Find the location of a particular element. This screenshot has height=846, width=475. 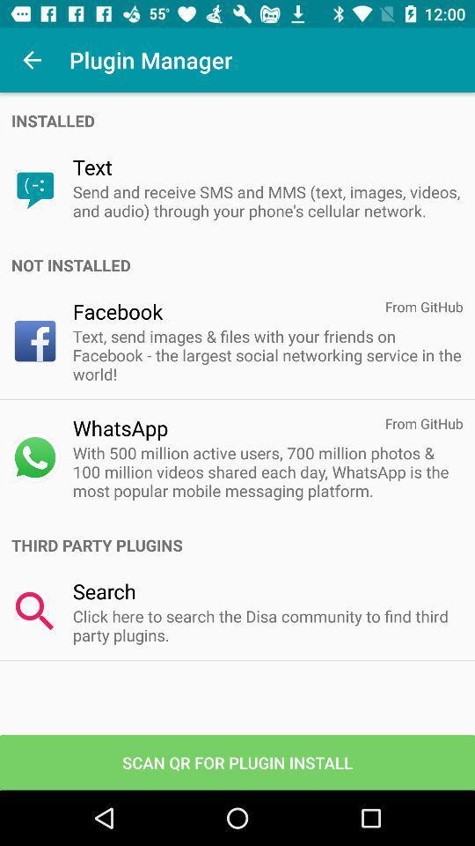

item to the left of the plugin manager icon is located at coordinates (32, 60).